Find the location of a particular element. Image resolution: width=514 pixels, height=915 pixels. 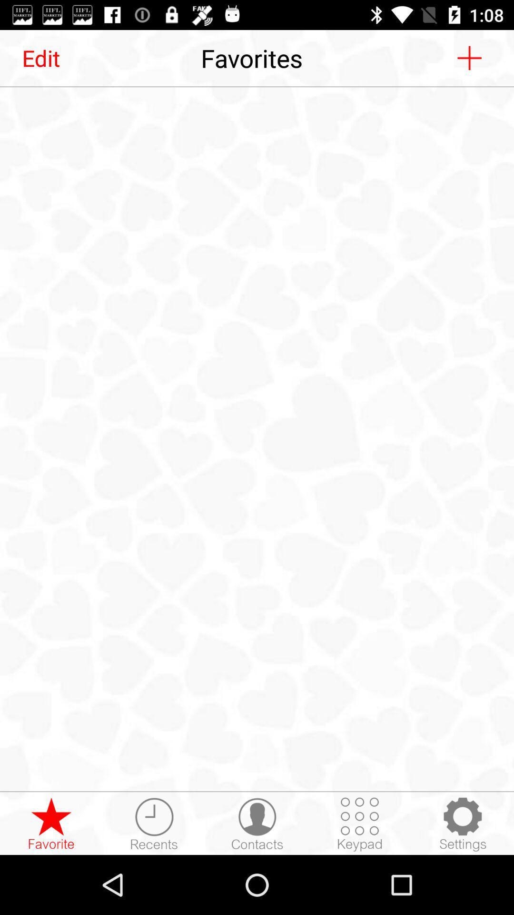

open recent is located at coordinates (154, 823).